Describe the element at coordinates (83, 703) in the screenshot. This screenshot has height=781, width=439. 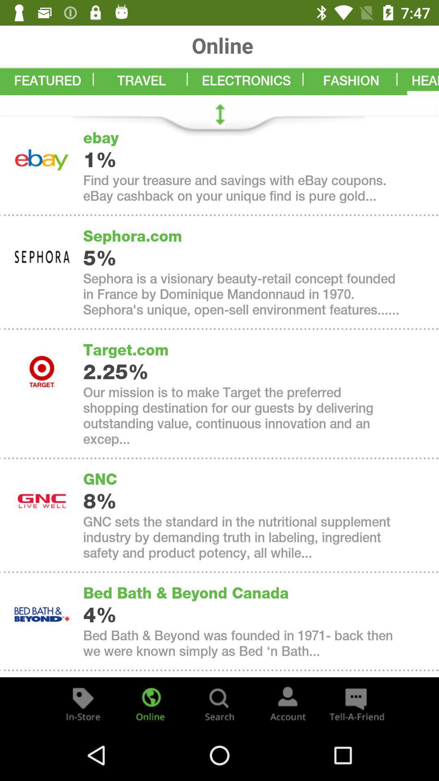
I see `the label icon` at that location.